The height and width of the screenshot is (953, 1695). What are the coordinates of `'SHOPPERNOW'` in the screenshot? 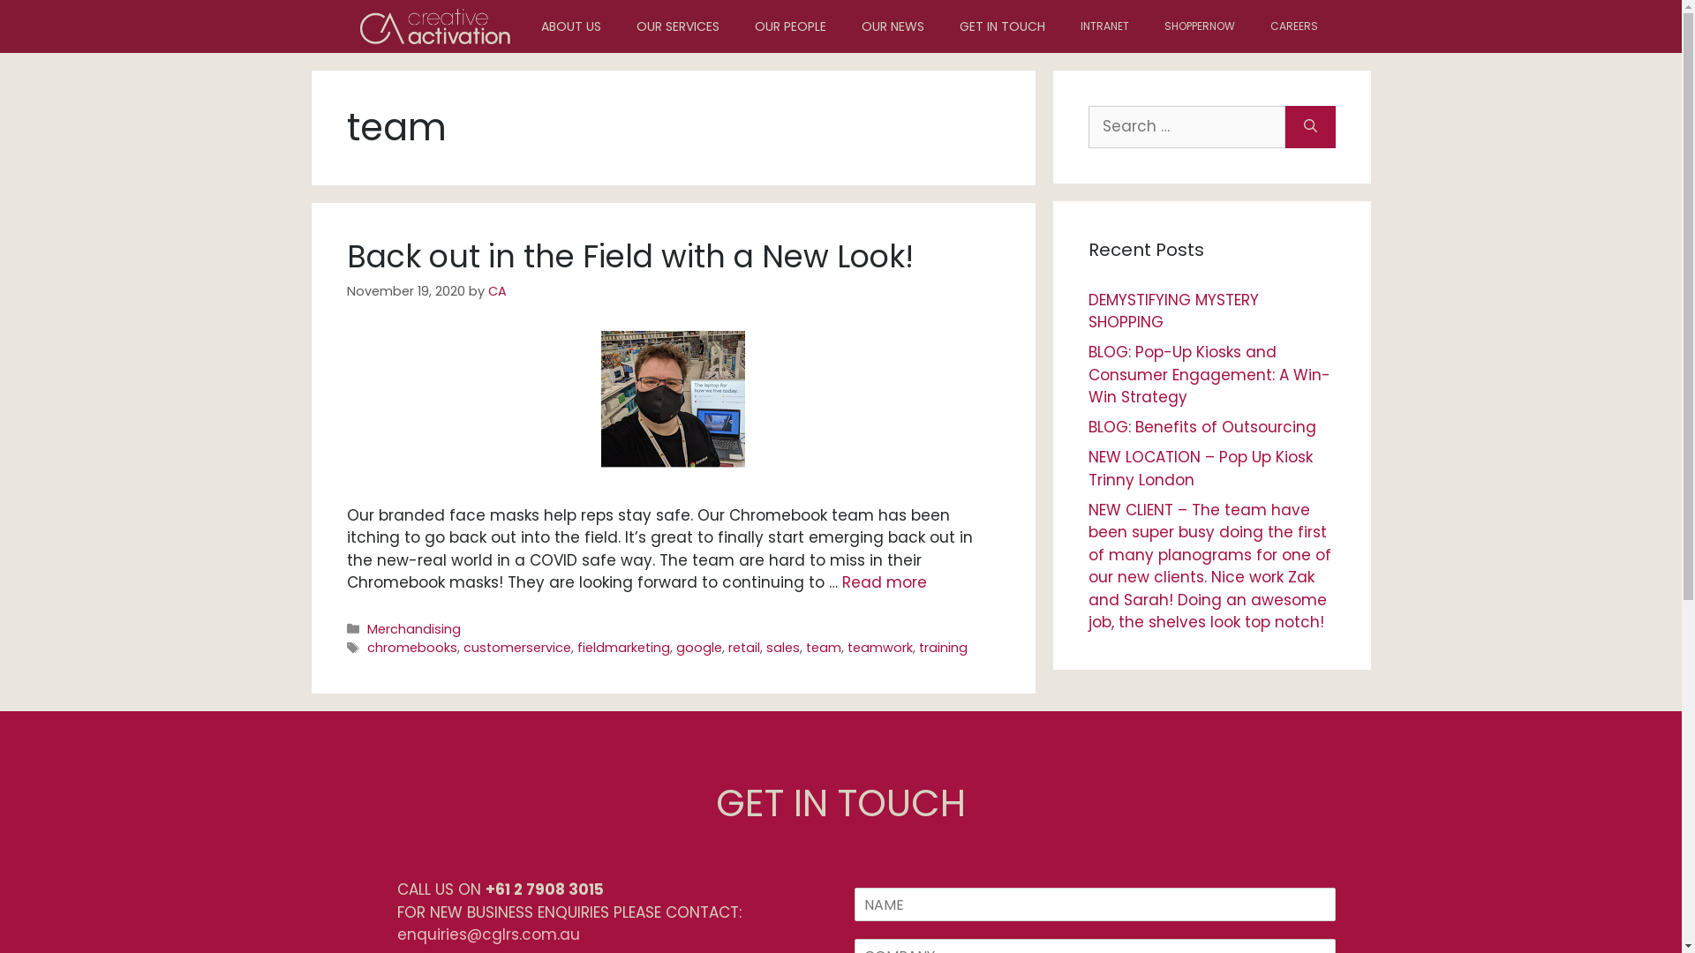 It's located at (1199, 26).